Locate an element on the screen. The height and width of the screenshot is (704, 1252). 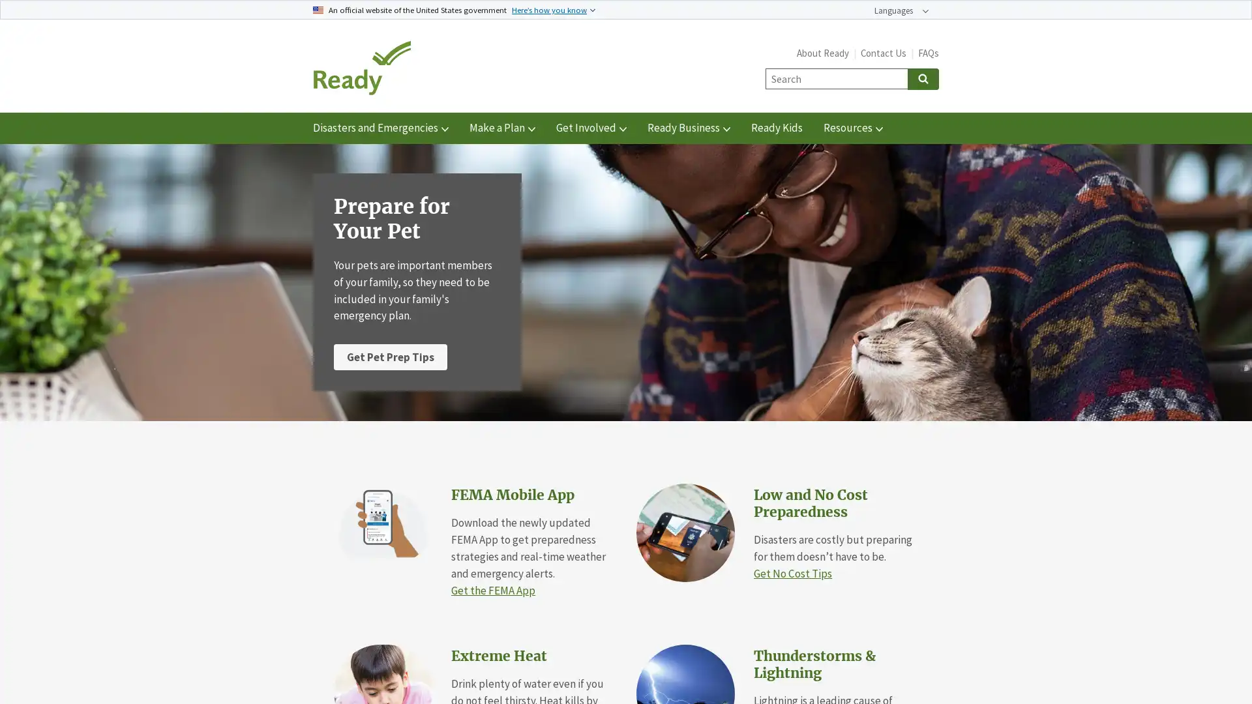
Disasters and Emergencies is located at coordinates (380, 128).